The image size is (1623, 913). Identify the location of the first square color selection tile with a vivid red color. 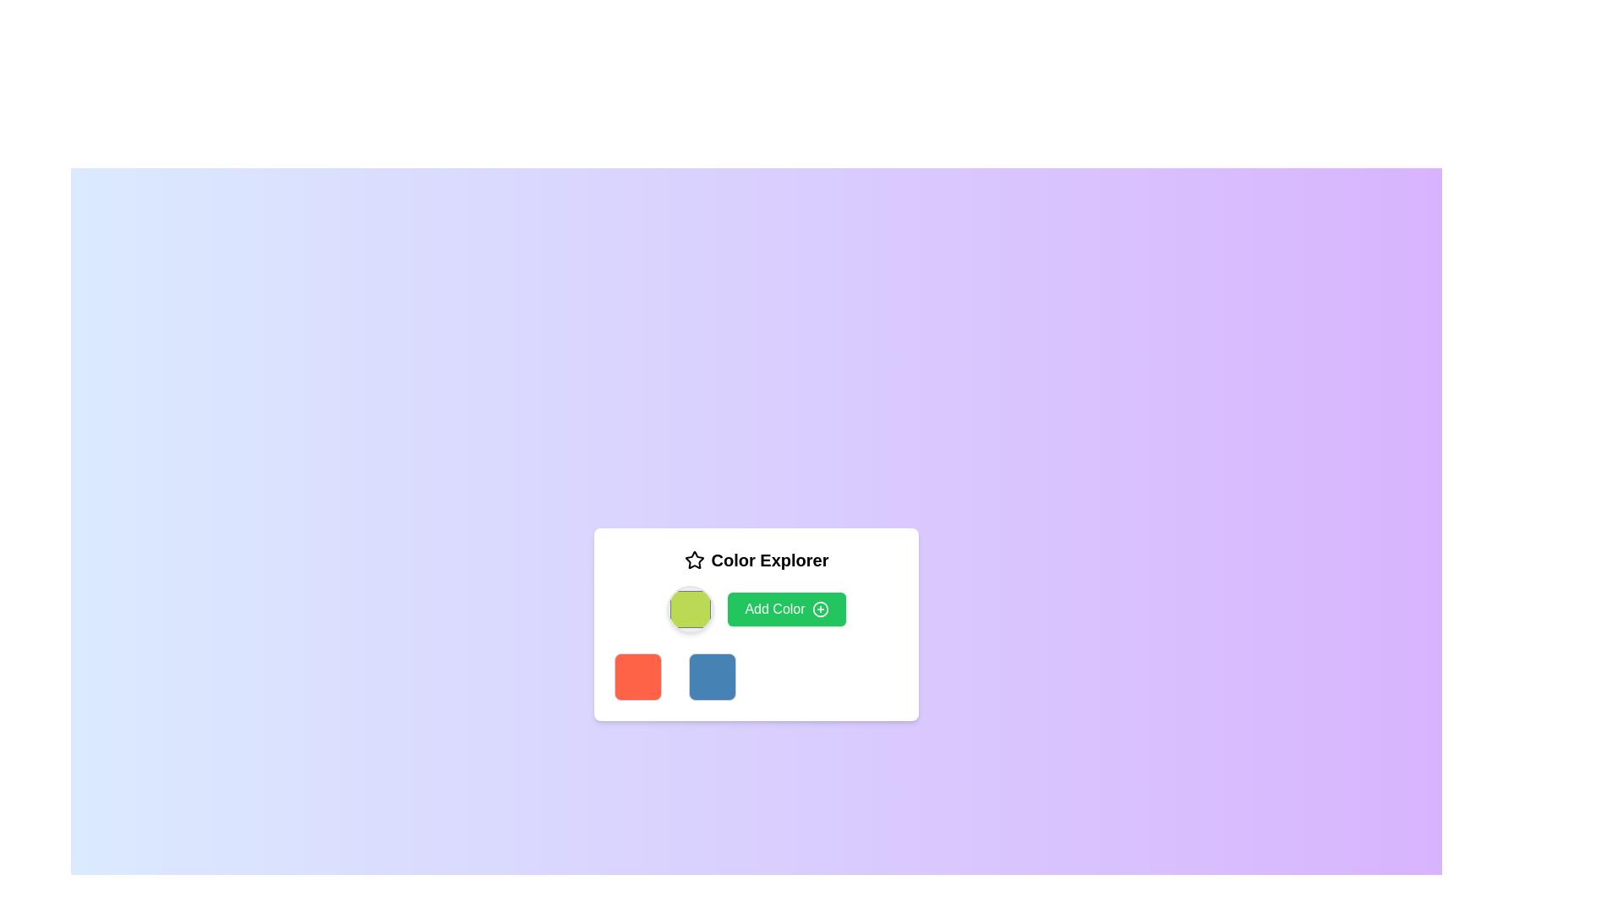
(637, 676).